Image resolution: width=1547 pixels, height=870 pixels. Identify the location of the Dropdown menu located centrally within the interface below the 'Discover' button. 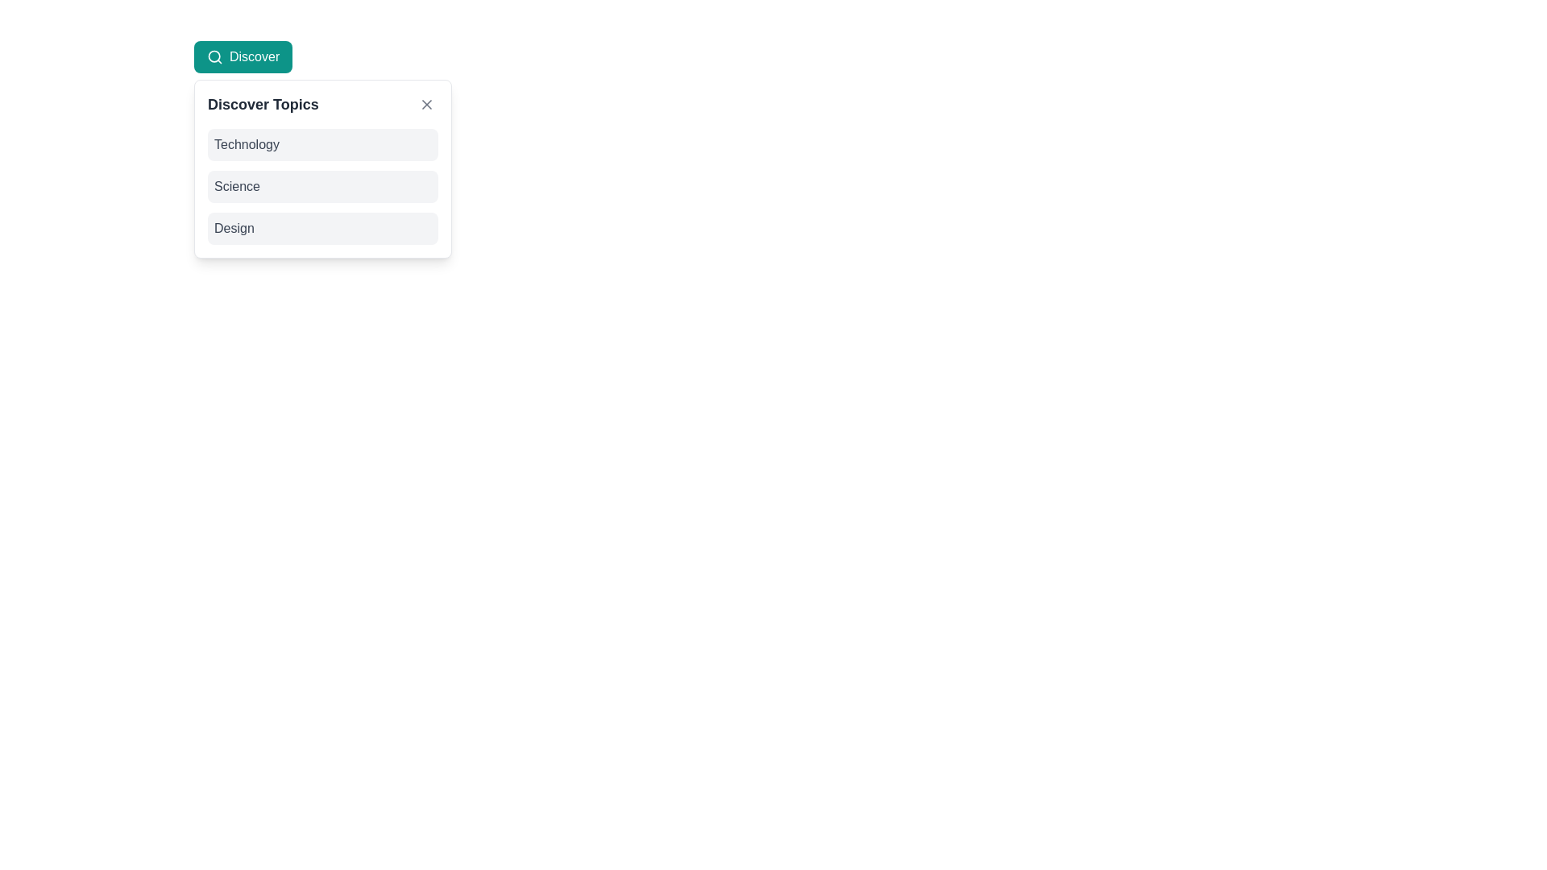
(322, 168).